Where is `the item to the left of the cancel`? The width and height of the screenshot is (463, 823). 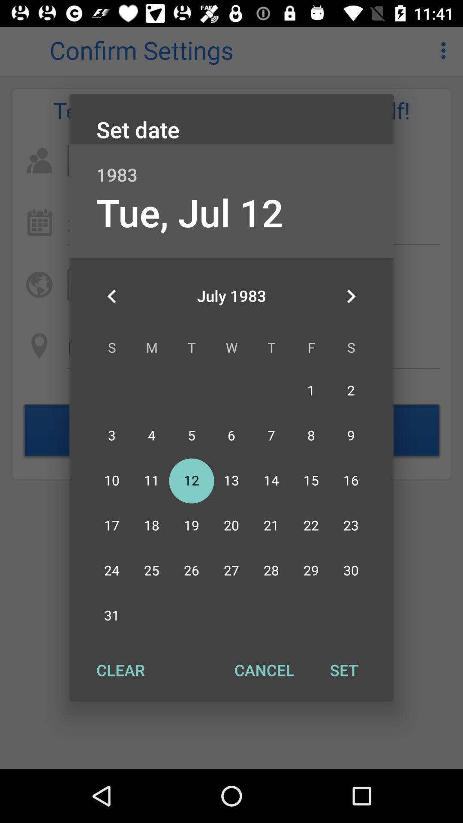
the item to the left of the cancel is located at coordinates (120, 670).